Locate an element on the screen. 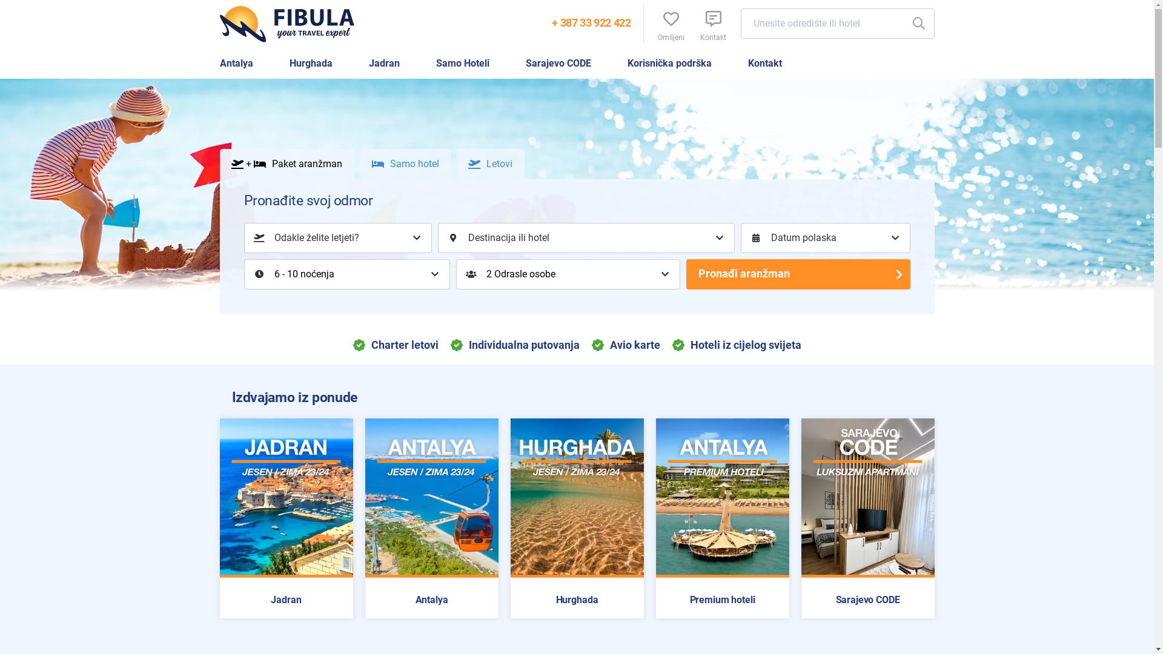 Image resolution: width=1163 pixels, height=654 pixels. 'Kontakt' is located at coordinates (764, 63).